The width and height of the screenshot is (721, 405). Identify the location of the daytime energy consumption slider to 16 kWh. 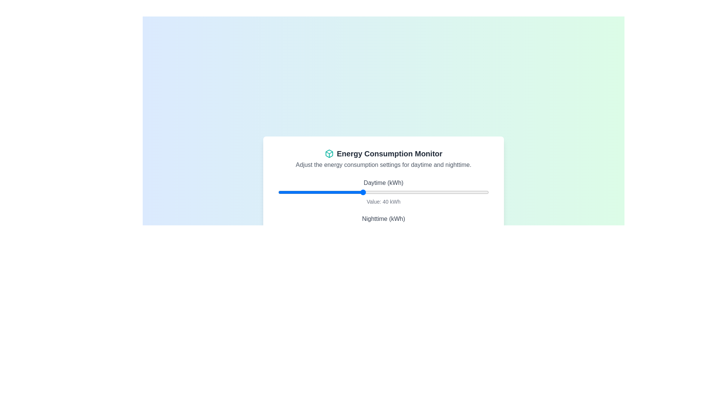
(312, 192).